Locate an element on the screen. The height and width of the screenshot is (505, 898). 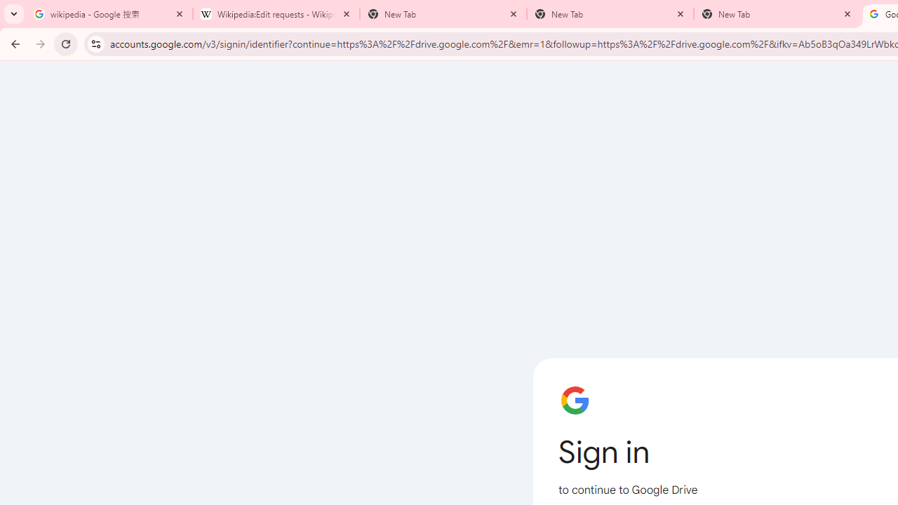
'New Tab' is located at coordinates (777, 14).